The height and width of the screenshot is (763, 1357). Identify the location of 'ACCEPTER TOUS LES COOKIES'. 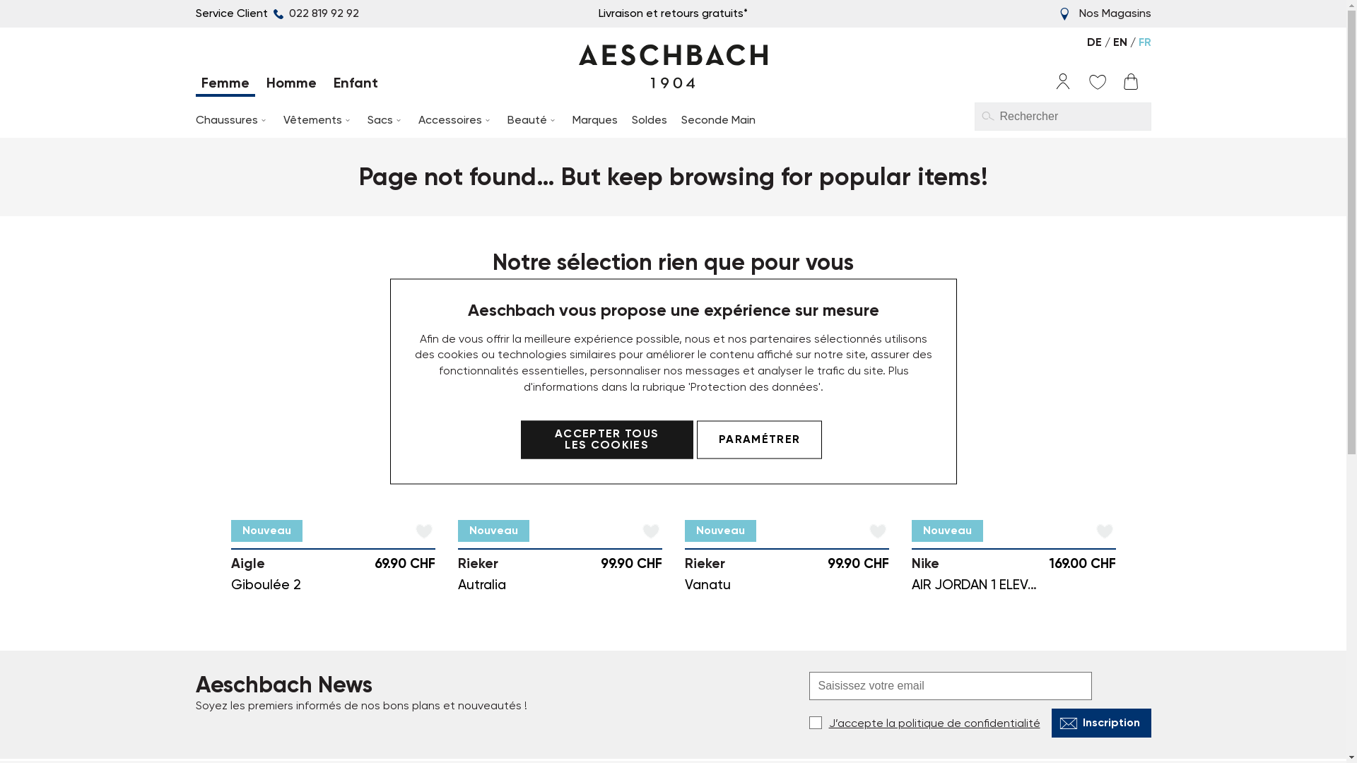
(607, 439).